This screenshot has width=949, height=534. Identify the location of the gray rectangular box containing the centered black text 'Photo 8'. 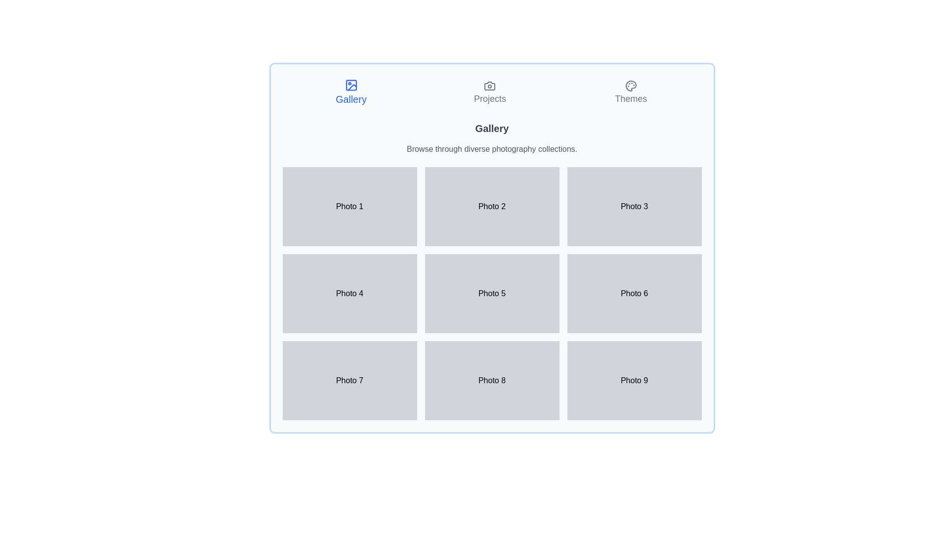
(492, 380).